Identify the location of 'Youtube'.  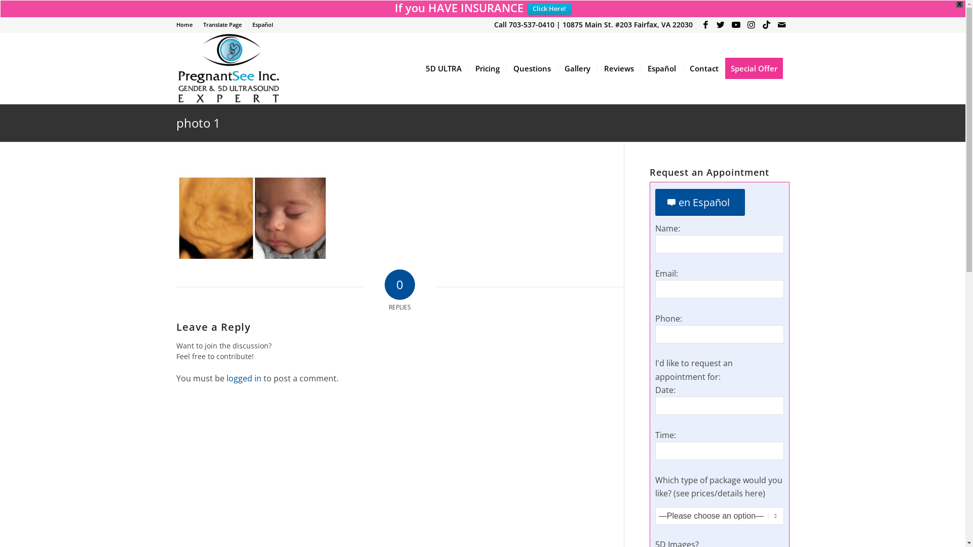
(728, 24).